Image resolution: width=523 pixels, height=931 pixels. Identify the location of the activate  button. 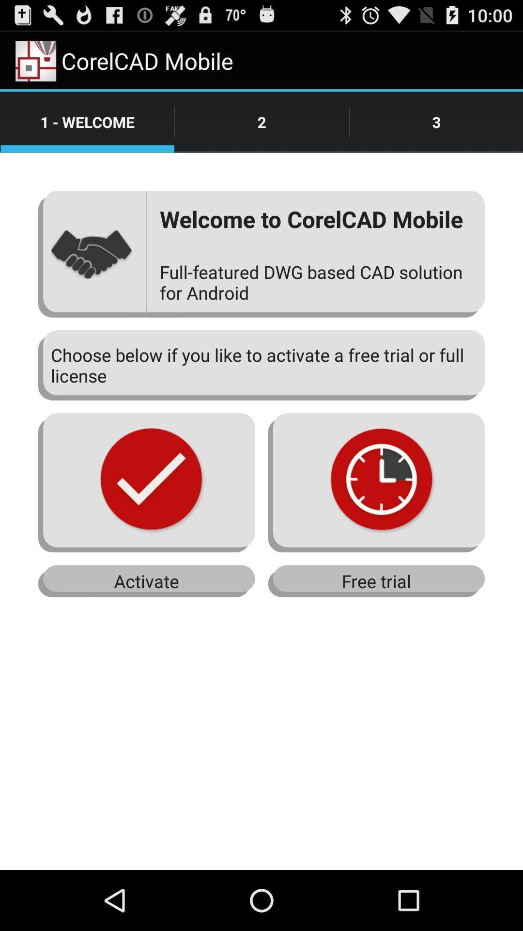
(147, 581).